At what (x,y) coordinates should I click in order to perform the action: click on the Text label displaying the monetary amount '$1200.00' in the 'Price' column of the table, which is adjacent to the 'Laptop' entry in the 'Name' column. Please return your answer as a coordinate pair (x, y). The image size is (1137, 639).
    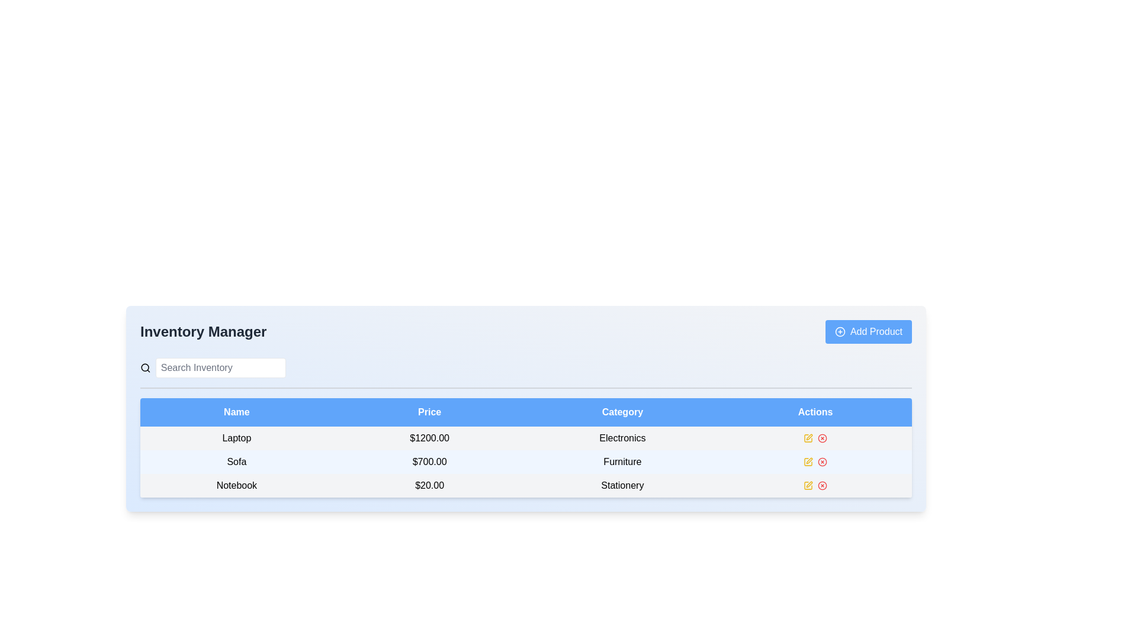
    Looking at the image, I should click on (429, 438).